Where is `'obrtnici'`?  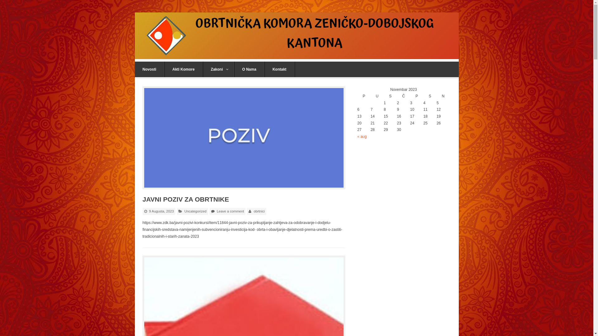
'obrtnici' is located at coordinates (259, 211).